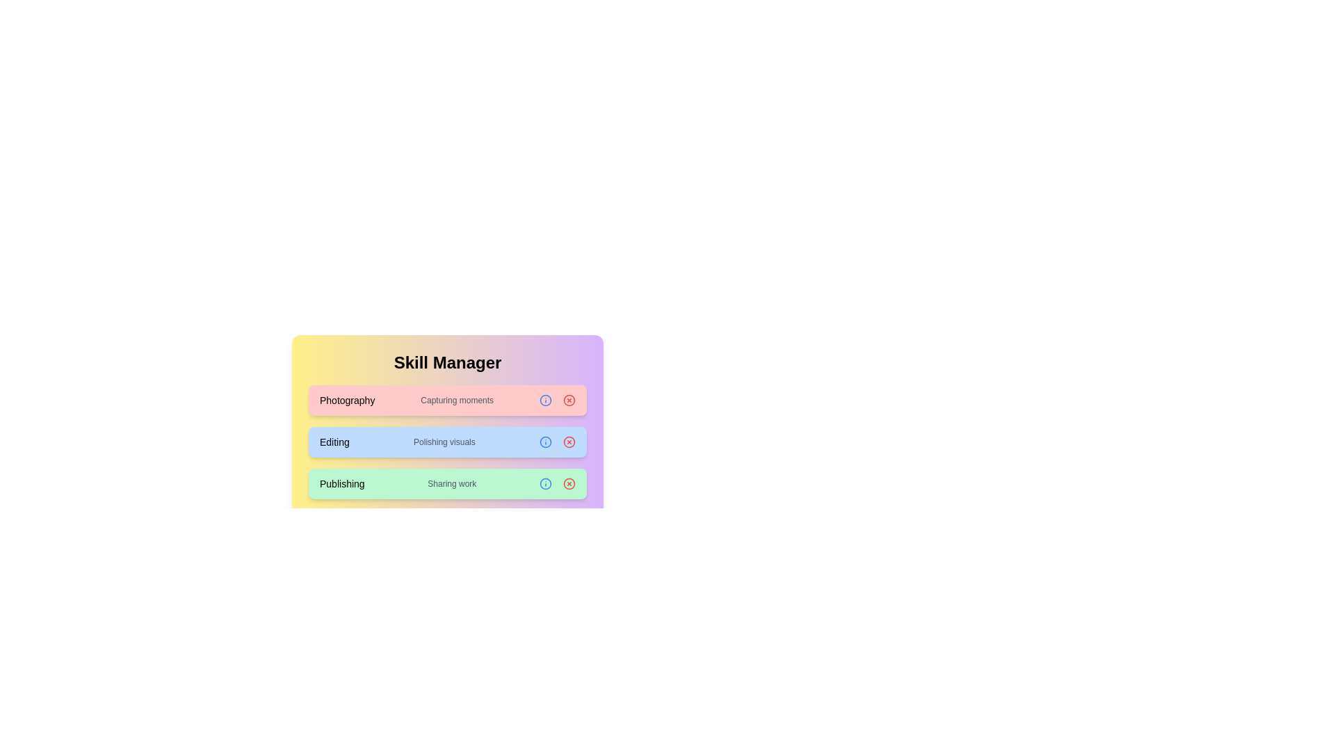  What do you see at coordinates (545, 400) in the screenshot?
I see `the information button of the Photography chip` at bounding box center [545, 400].